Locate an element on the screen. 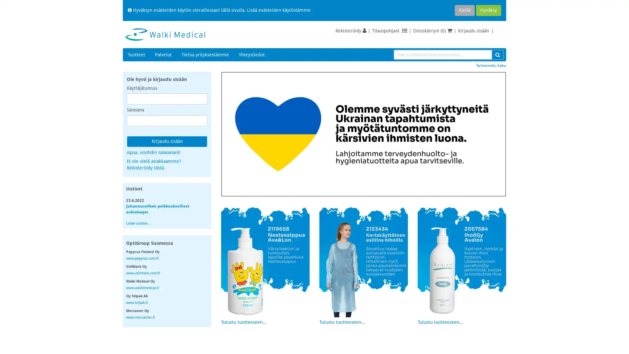 This screenshot has width=629, height=354. Kiella is located at coordinates (464, 10).